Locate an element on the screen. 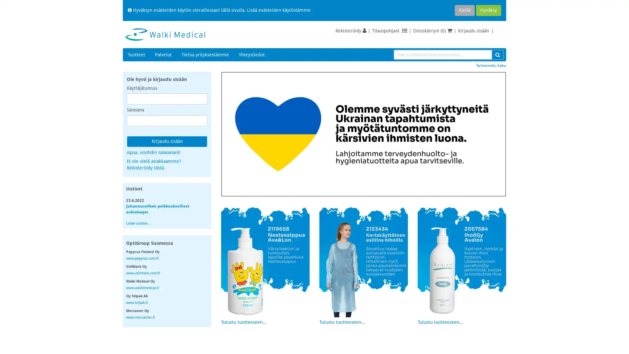 This screenshot has width=629, height=354. Kiella is located at coordinates (464, 10).